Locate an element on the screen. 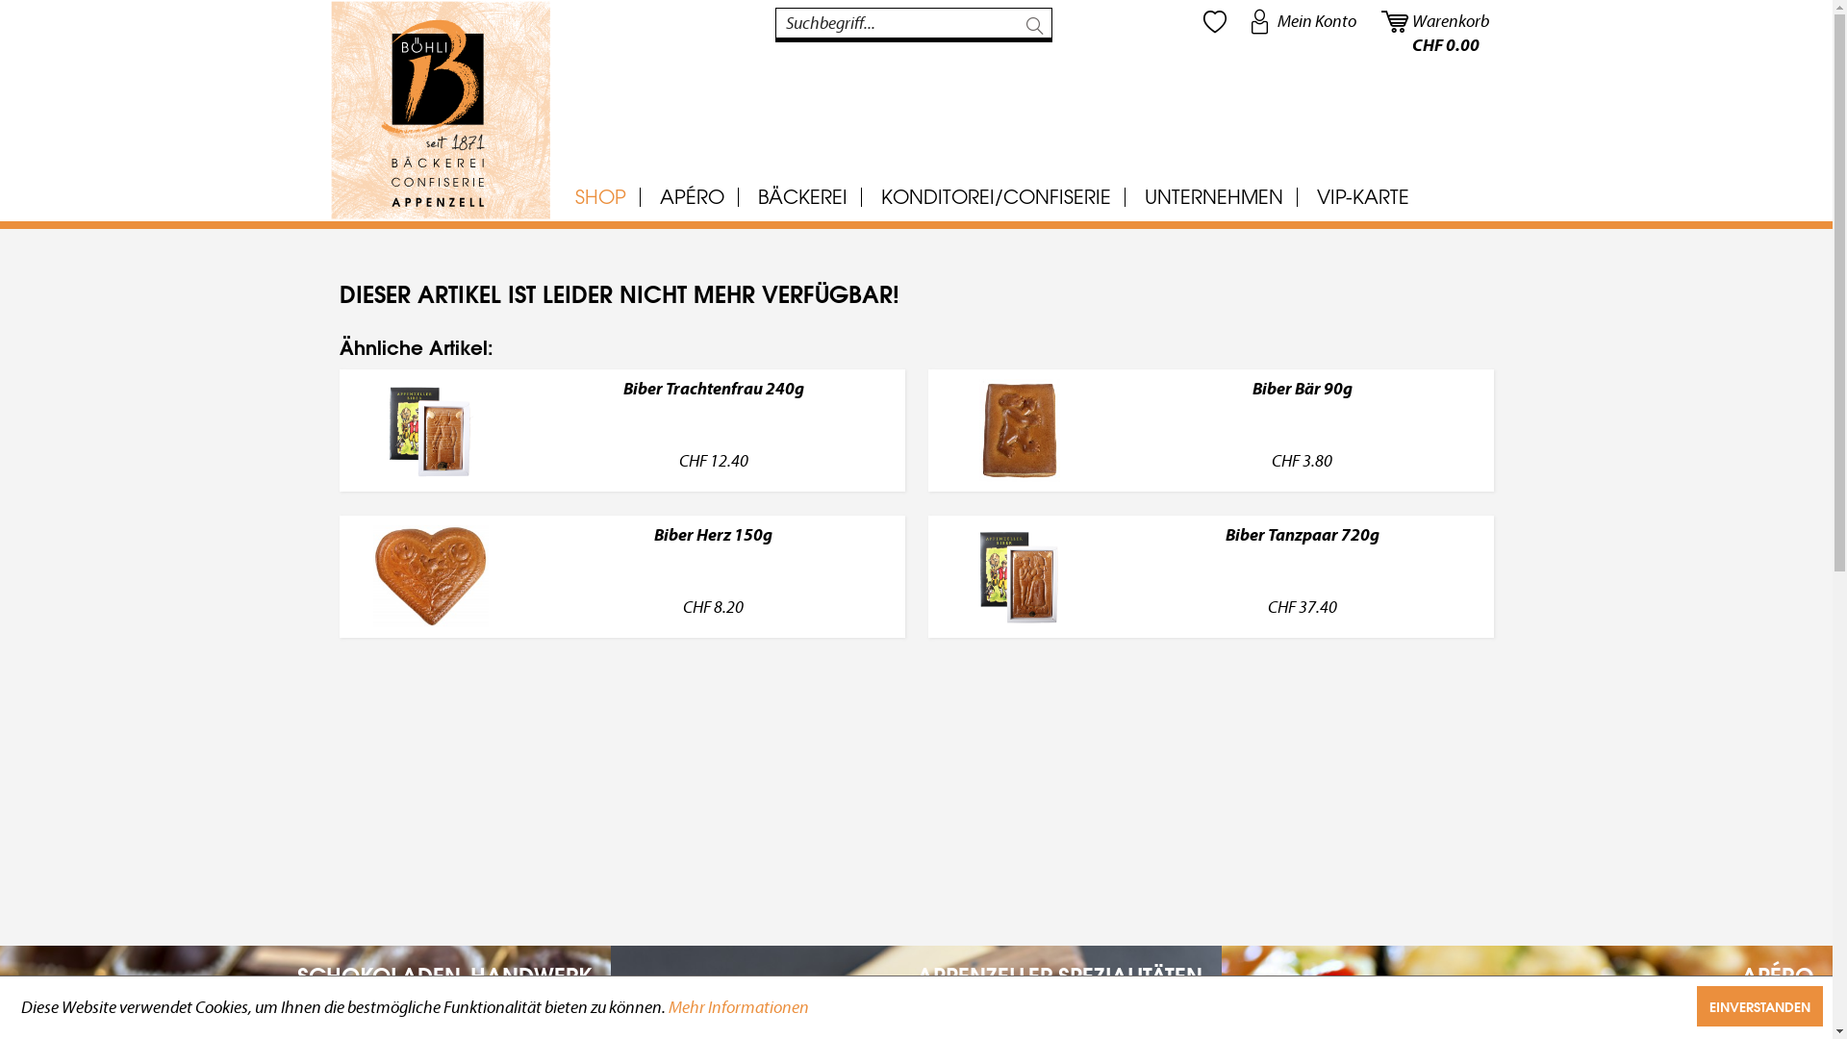  'SHOP' is located at coordinates (598, 196).